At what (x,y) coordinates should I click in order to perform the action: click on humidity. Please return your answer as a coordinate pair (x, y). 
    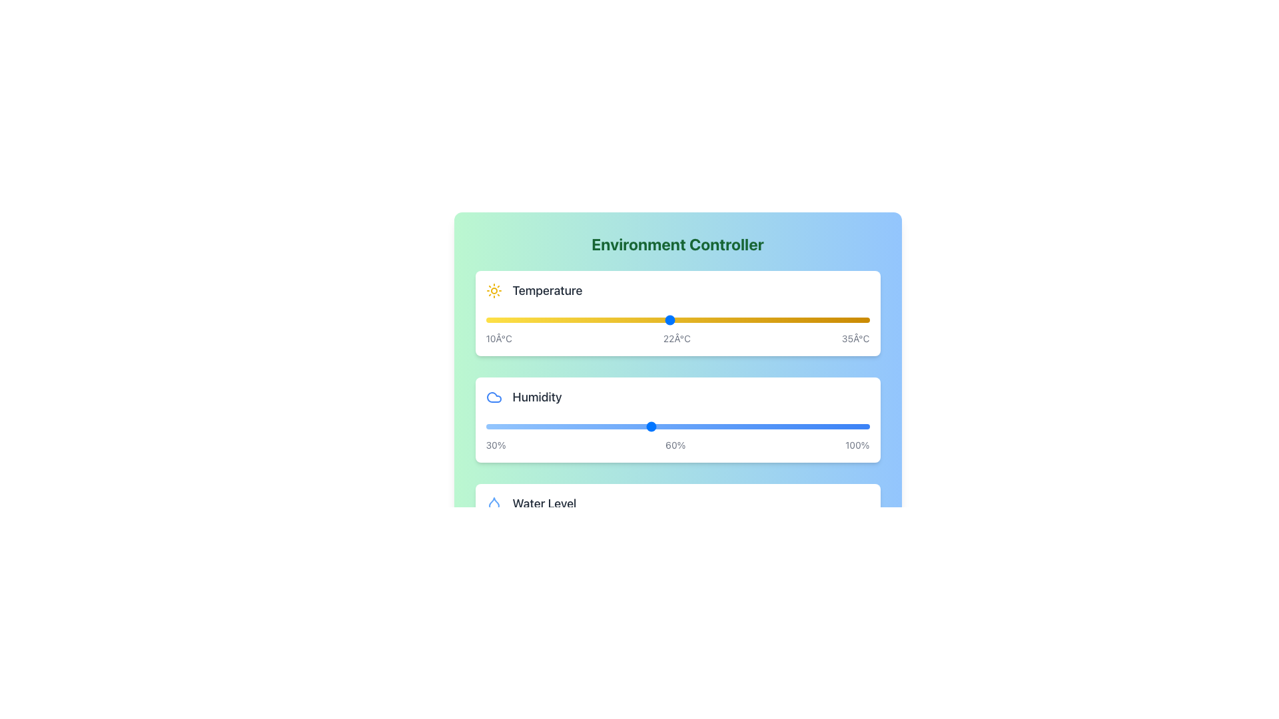
    Looking at the image, I should click on (562, 426).